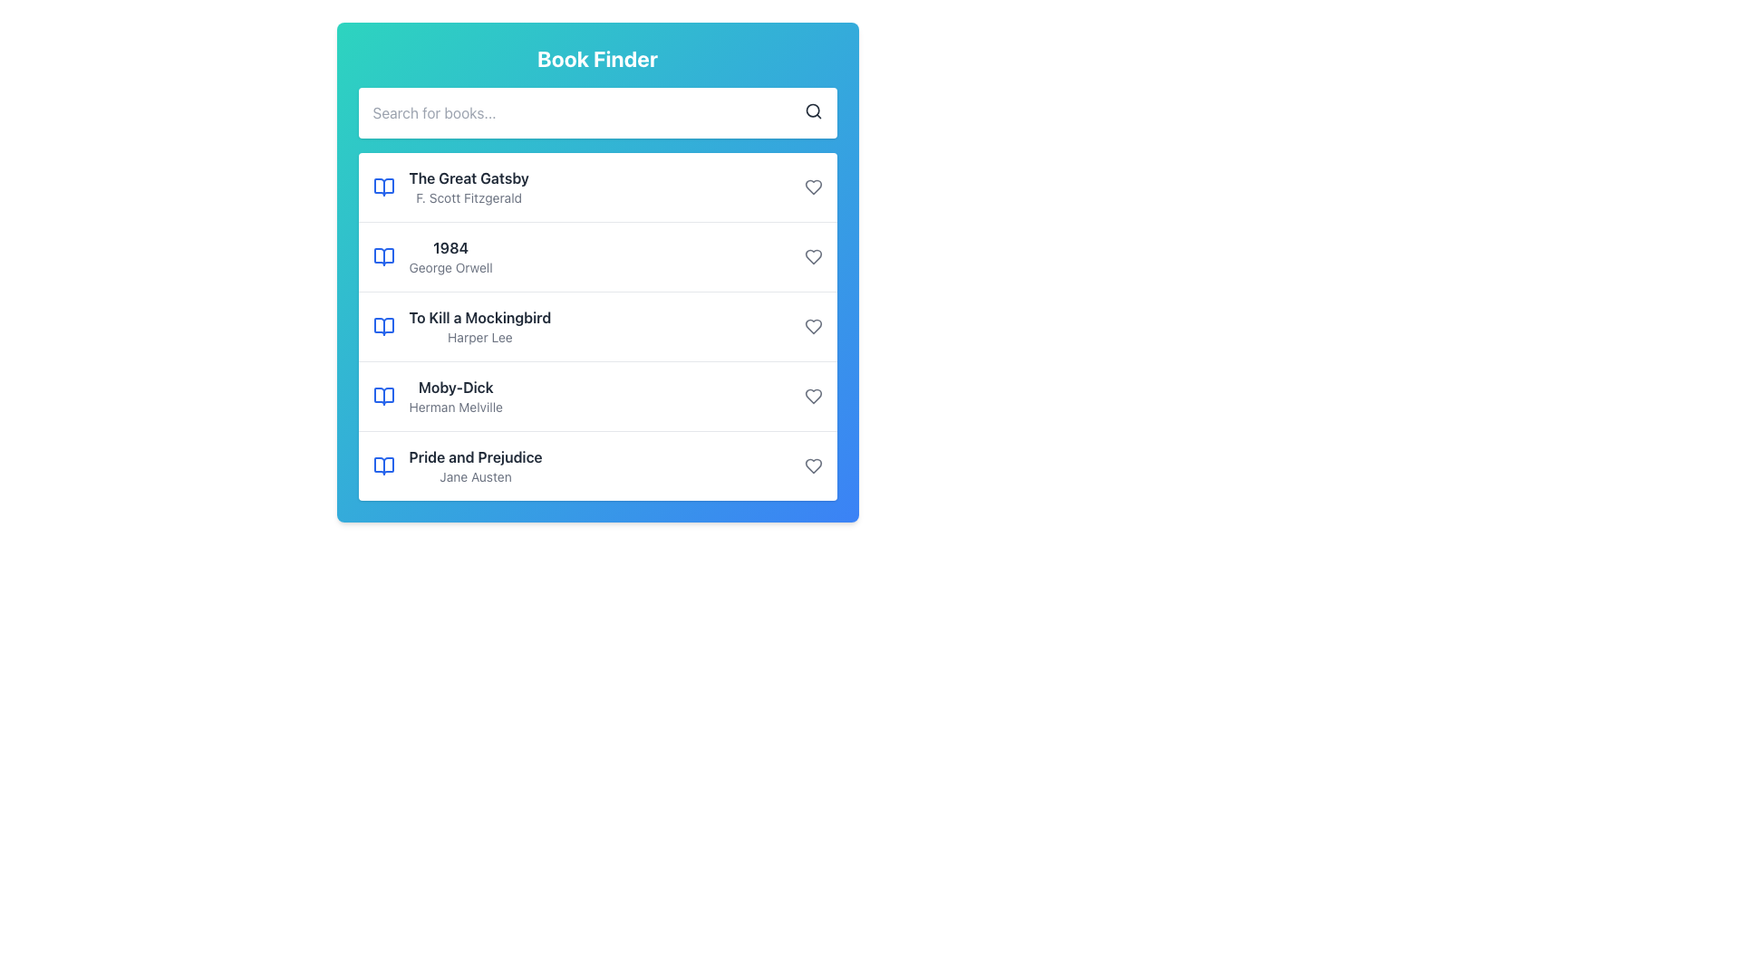  Describe the element at coordinates (812, 257) in the screenshot. I see `the heart icon located to the right of the book title '1984' by George Orwell` at that location.